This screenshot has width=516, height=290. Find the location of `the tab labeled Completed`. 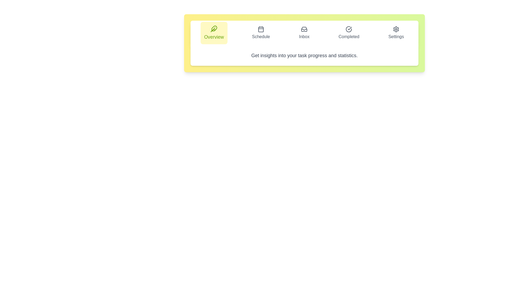

the tab labeled Completed is located at coordinates (349, 33).